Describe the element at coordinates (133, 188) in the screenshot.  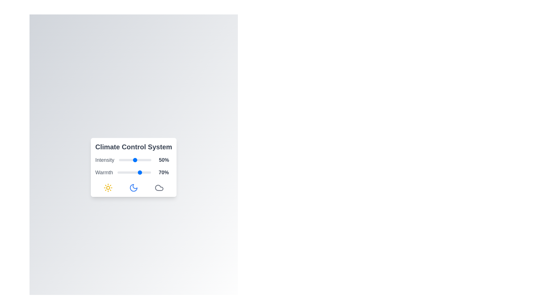
I see `the moon icon to interact with it` at that location.